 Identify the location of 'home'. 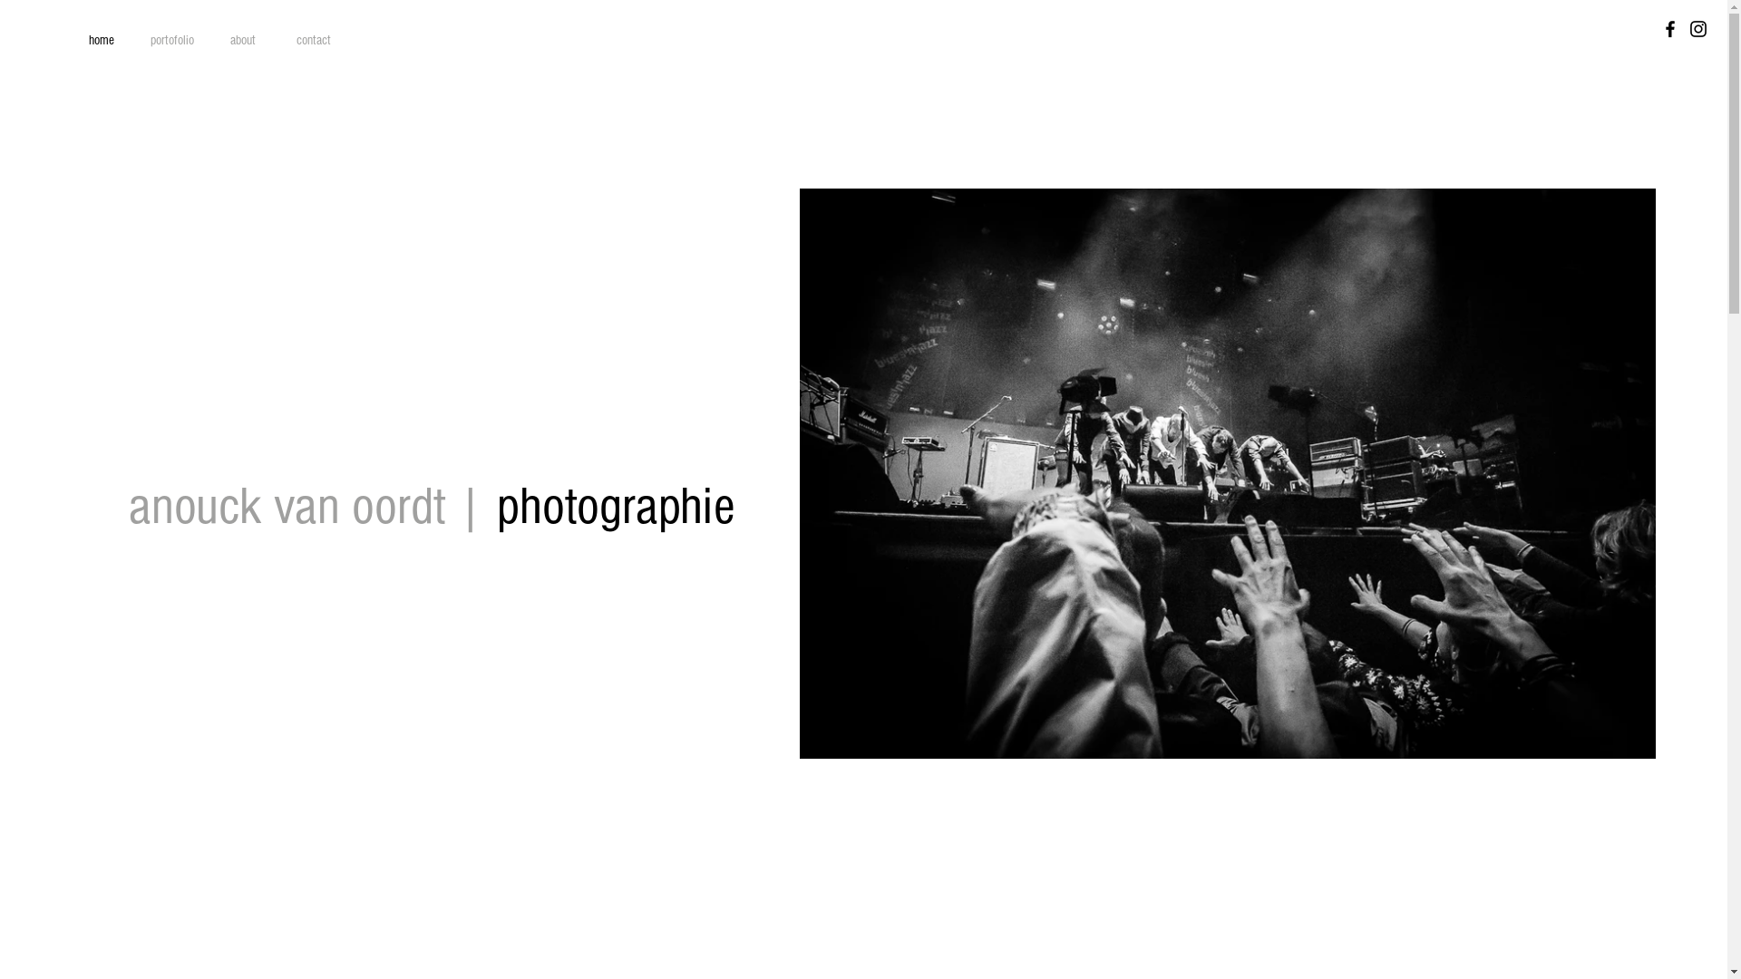
(100, 41).